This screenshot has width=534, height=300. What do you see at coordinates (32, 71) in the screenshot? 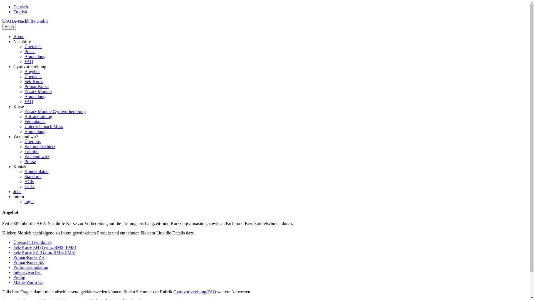
I see `'Angebot'` at bounding box center [32, 71].